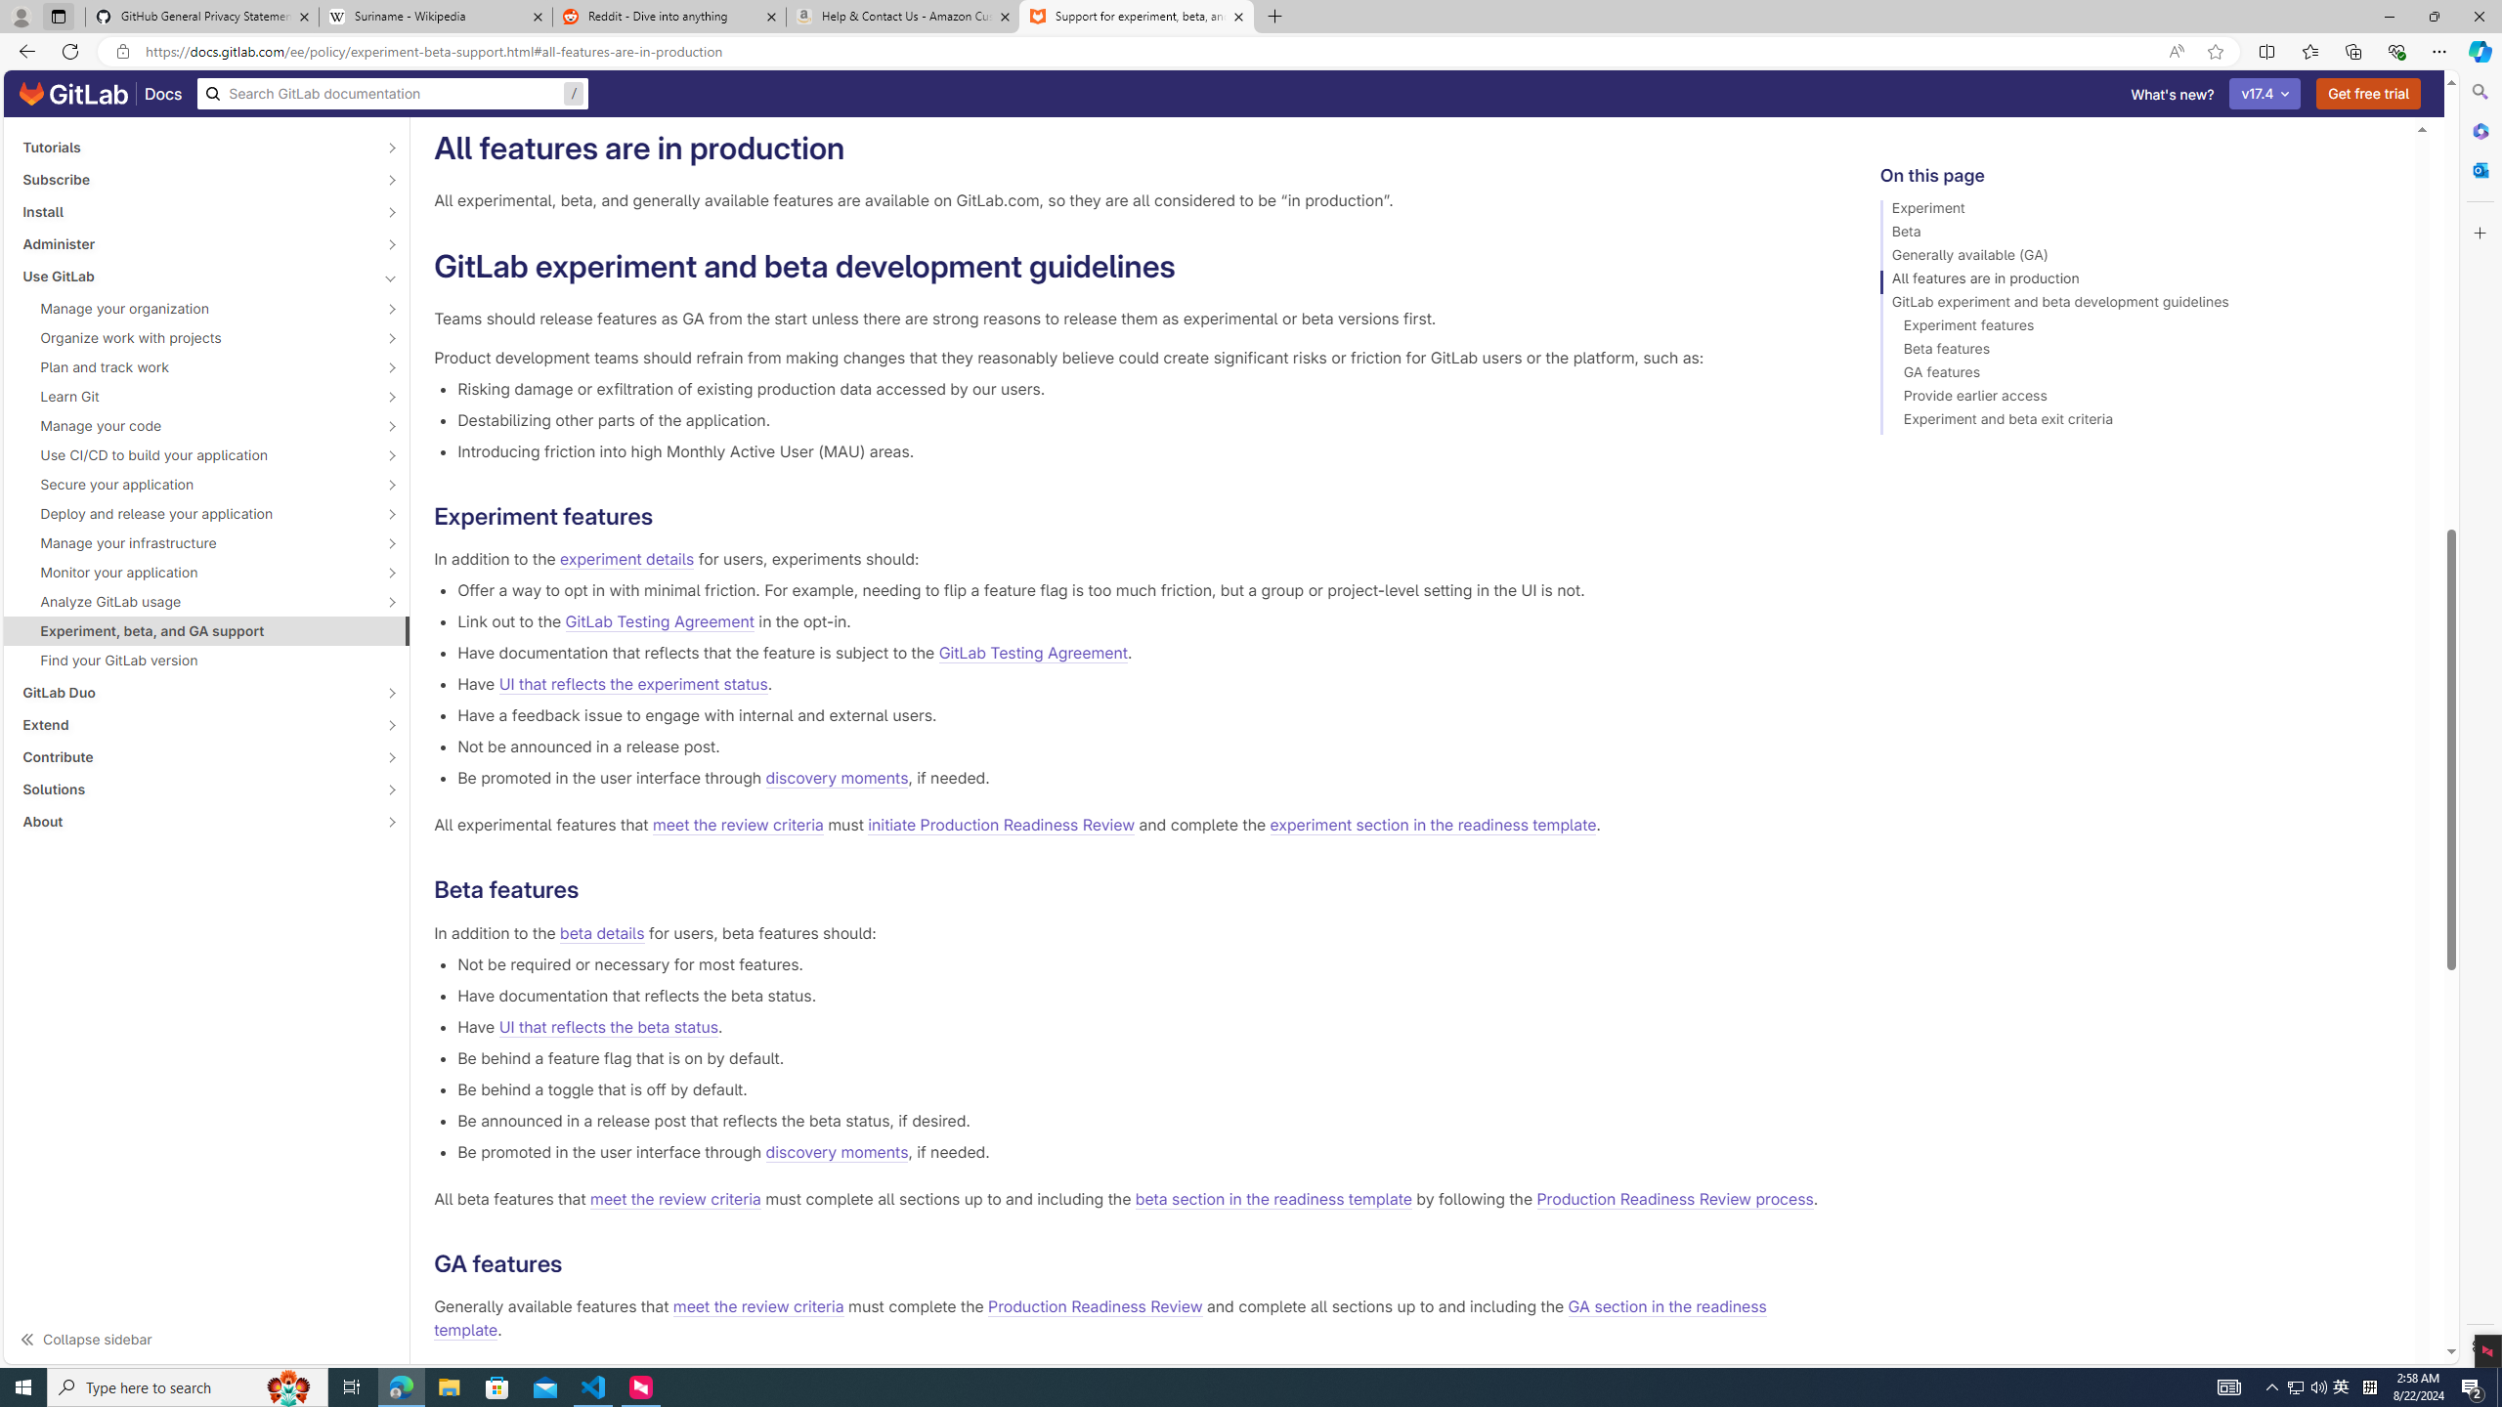  I want to click on 'experiment details', so click(626, 559).